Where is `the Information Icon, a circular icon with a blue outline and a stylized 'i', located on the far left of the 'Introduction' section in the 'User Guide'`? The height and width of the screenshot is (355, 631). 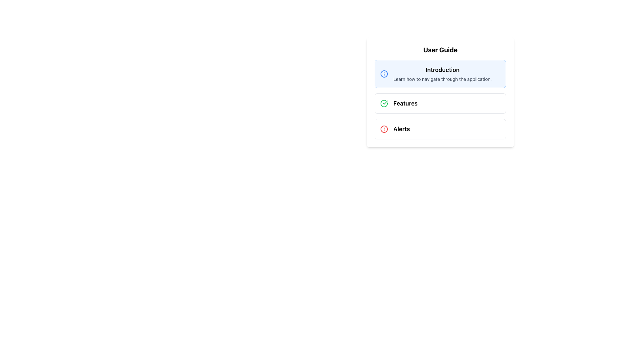
the Information Icon, a circular icon with a blue outline and a stylized 'i', located on the far left of the 'Introduction' section in the 'User Guide' is located at coordinates (384, 74).